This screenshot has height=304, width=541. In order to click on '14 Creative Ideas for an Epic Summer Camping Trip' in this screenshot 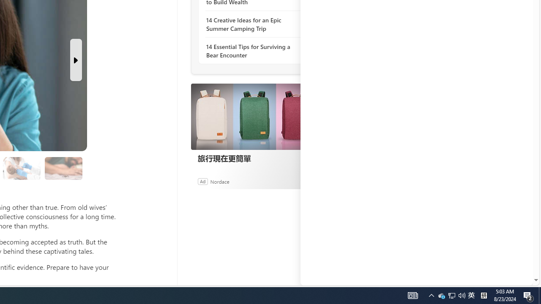, I will do `click(251, 24)`.